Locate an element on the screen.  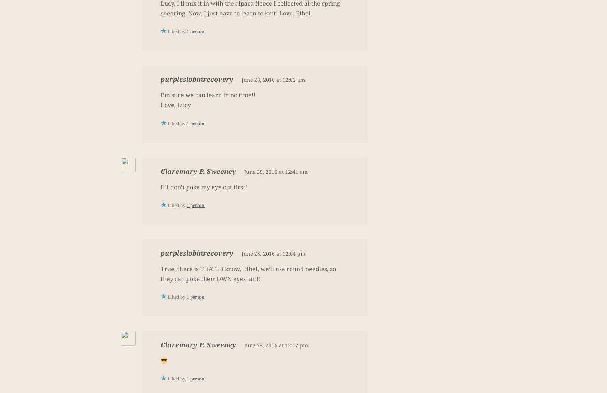
'Love, Lucy' is located at coordinates (175, 105).